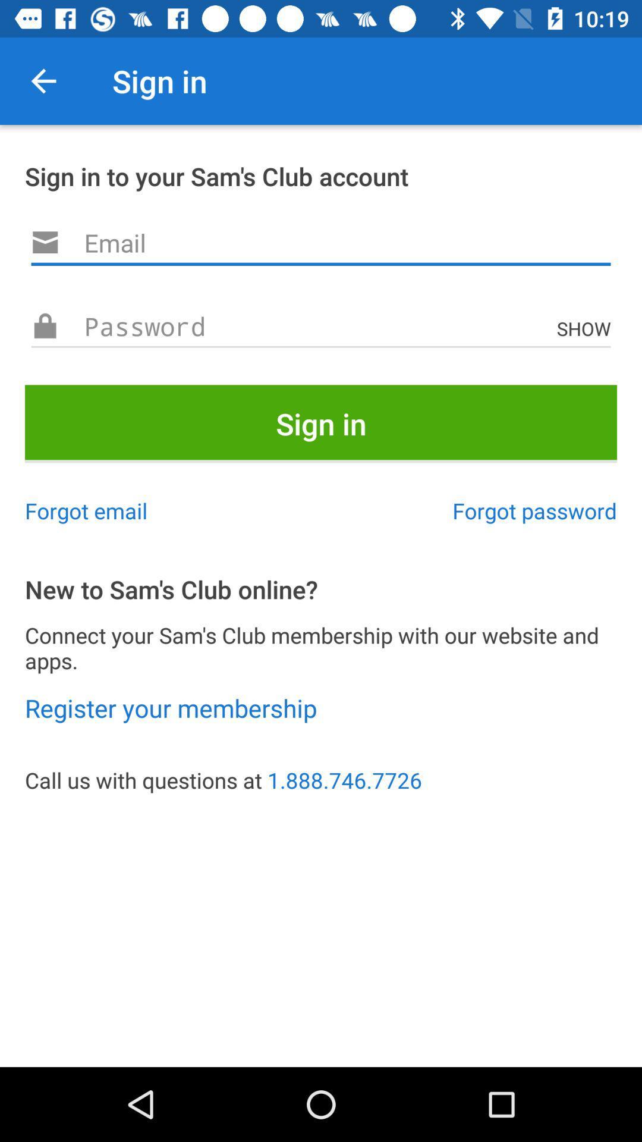 The height and width of the screenshot is (1142, 642). What do you see at coordinates (43, 80) in the screenshot?
I see `icon to the left of sign in` at bounding box center [43, 80].